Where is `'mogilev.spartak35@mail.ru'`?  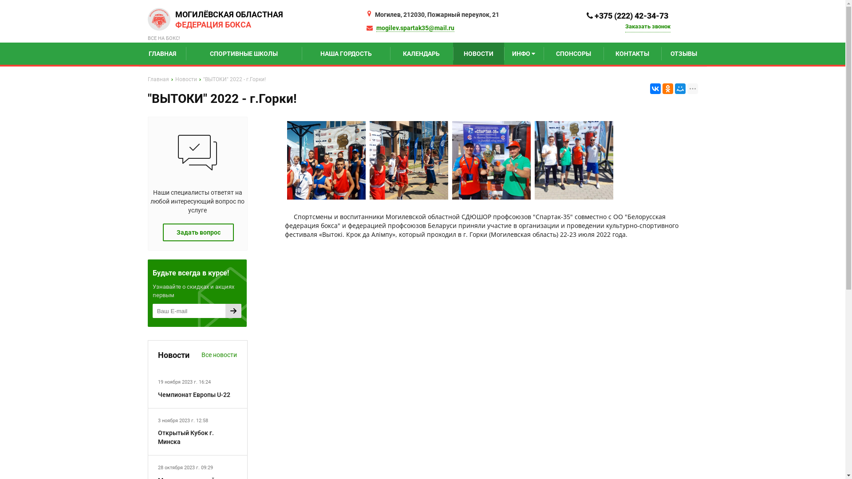 'mogilev.spartak35@mail.ru' is located at coordinates (415, 27).